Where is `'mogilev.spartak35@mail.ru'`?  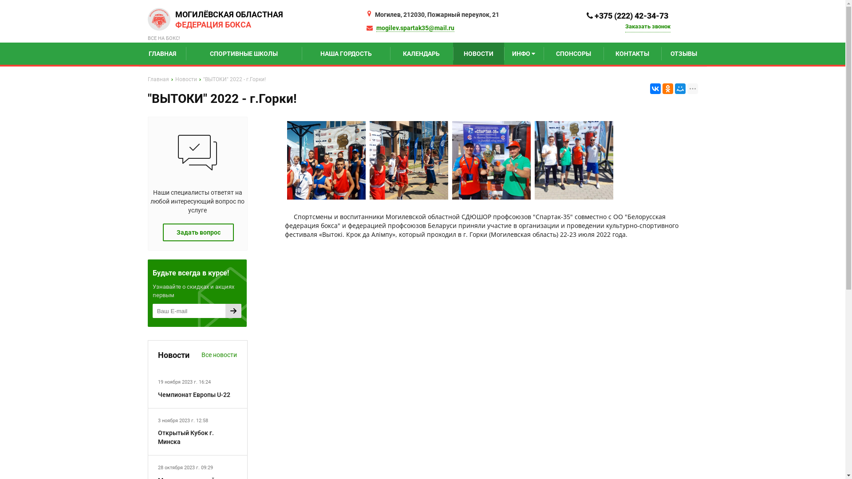 'mogilev.spartak35@mail.ru' is located at coordinates (415, 27).